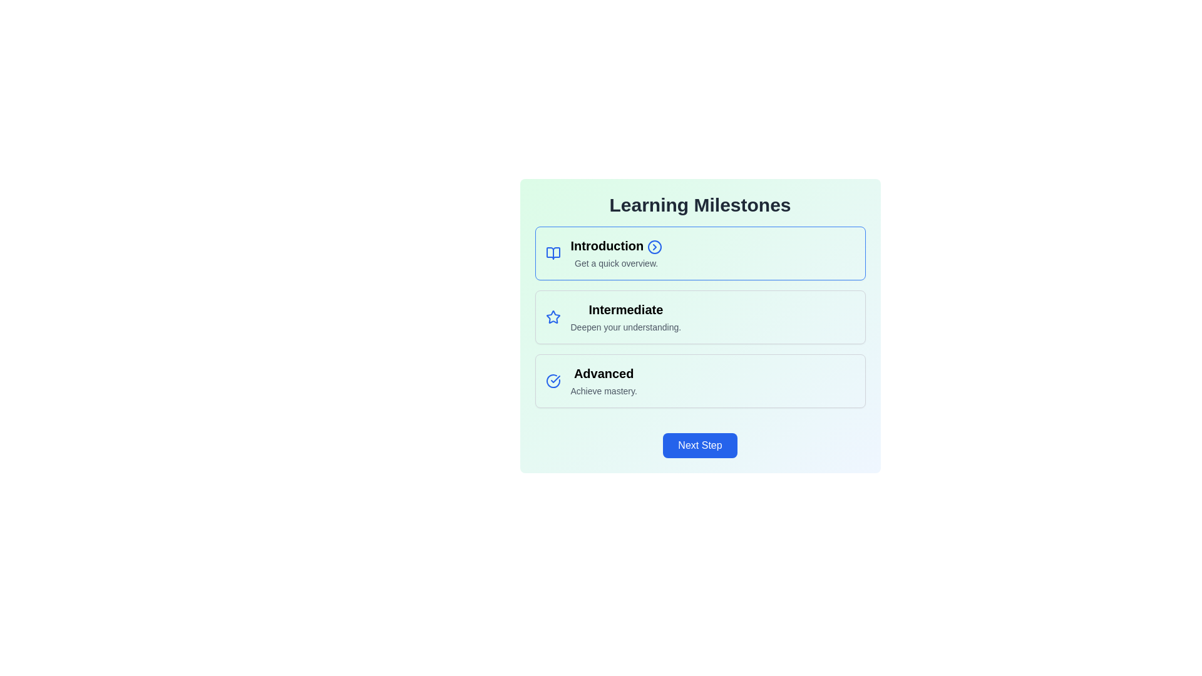 The width and height of the screenshot is (1202, 676). Describe the element at coordinates (616, 253) in the screenshot. I see `the title 'Introduction' of the Informational Card, which is the uppermost card in a vertical stack` at that location.